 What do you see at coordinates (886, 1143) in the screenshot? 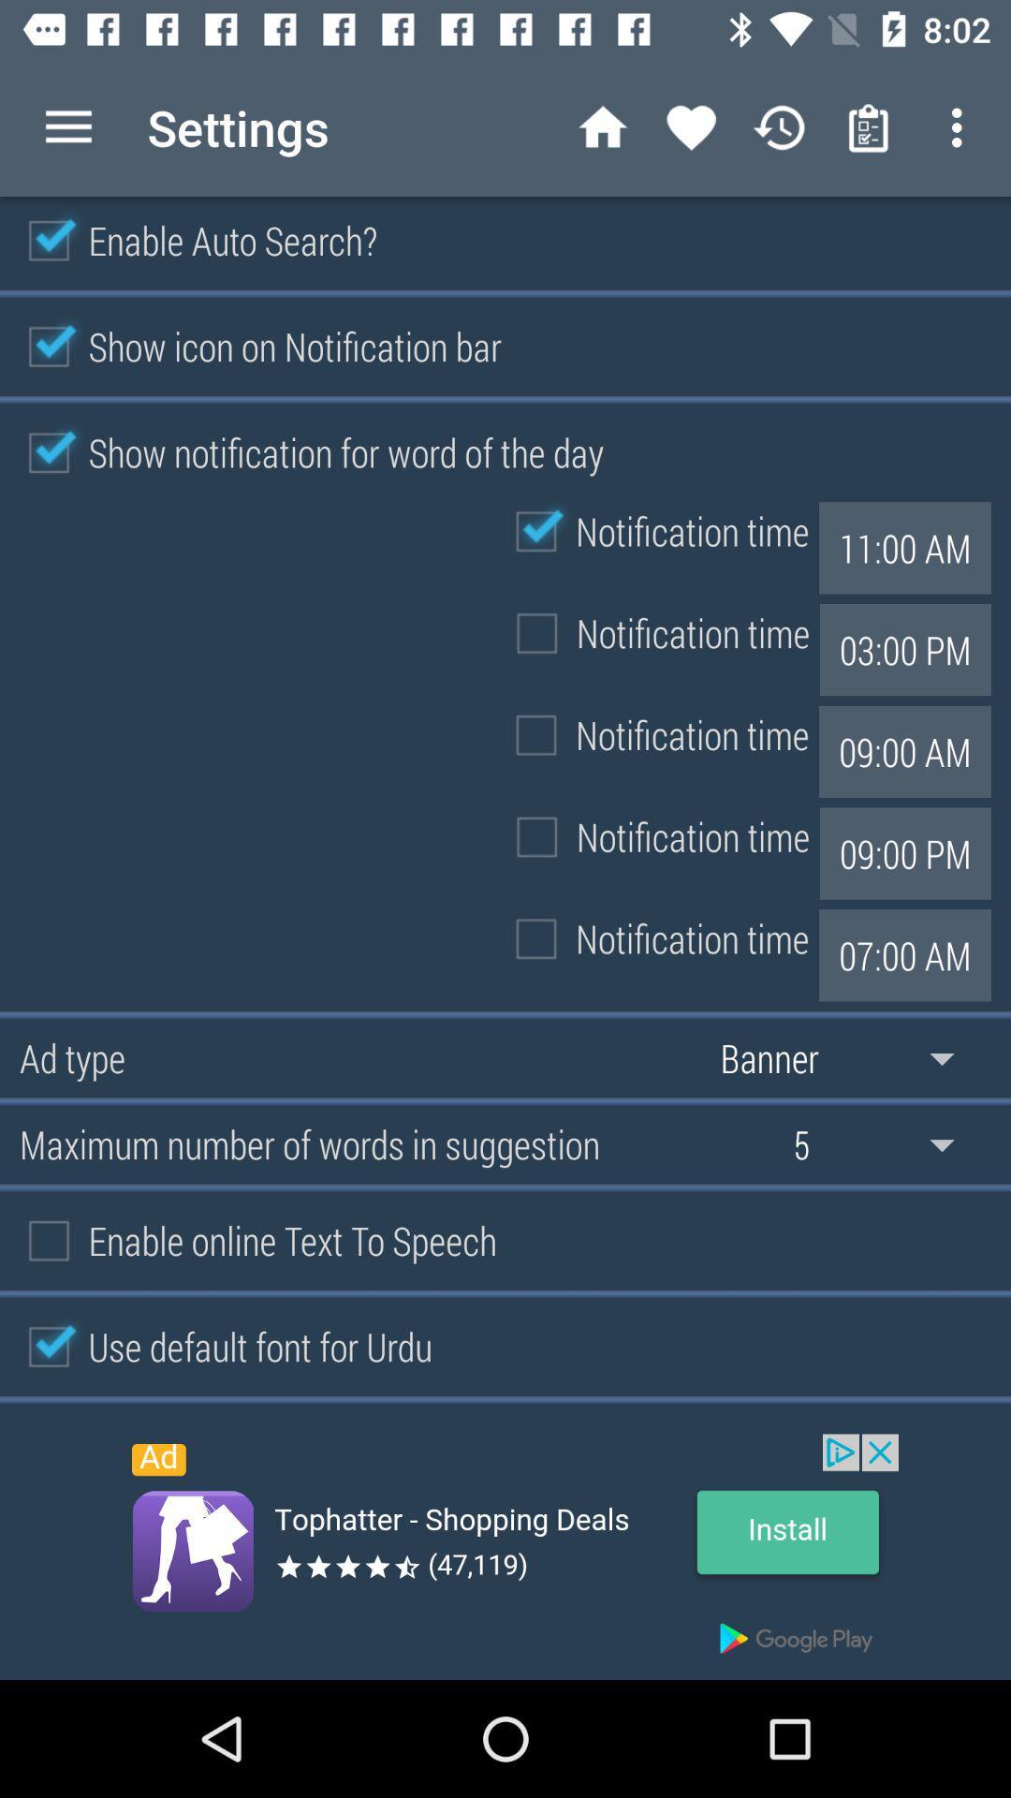
I see `the second drop down button along with the number 5` at bounding box center [886, 1143].